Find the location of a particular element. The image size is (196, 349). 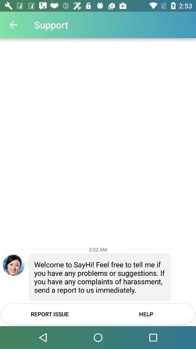

help is located at coordinates (146, 313).